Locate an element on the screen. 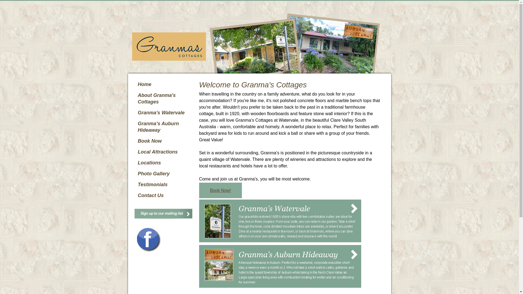 The height and width of the screenshot is (294, 523). 'Photo Gallery' is located at coordinates (164, 173).